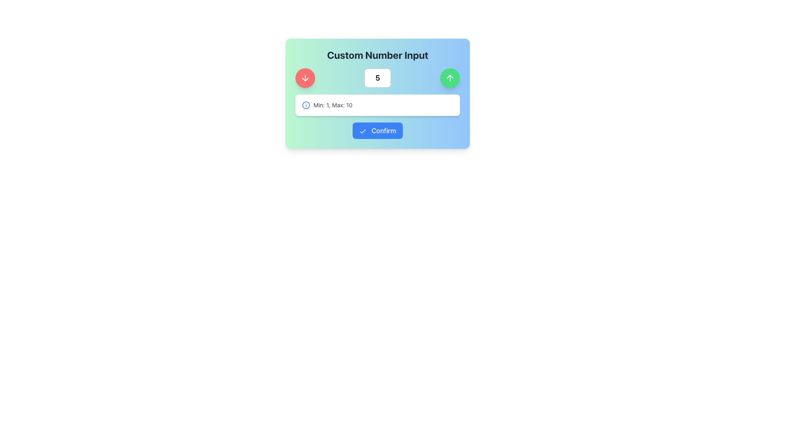 This screenshot has width=790, height=444. Describe the element at coordinates (377, 93) in the screenshot. I see `the Composite widget that serves as a number input tool, which includes a title, range information, input field, adjustment buttons, and a confirm button` at that location.